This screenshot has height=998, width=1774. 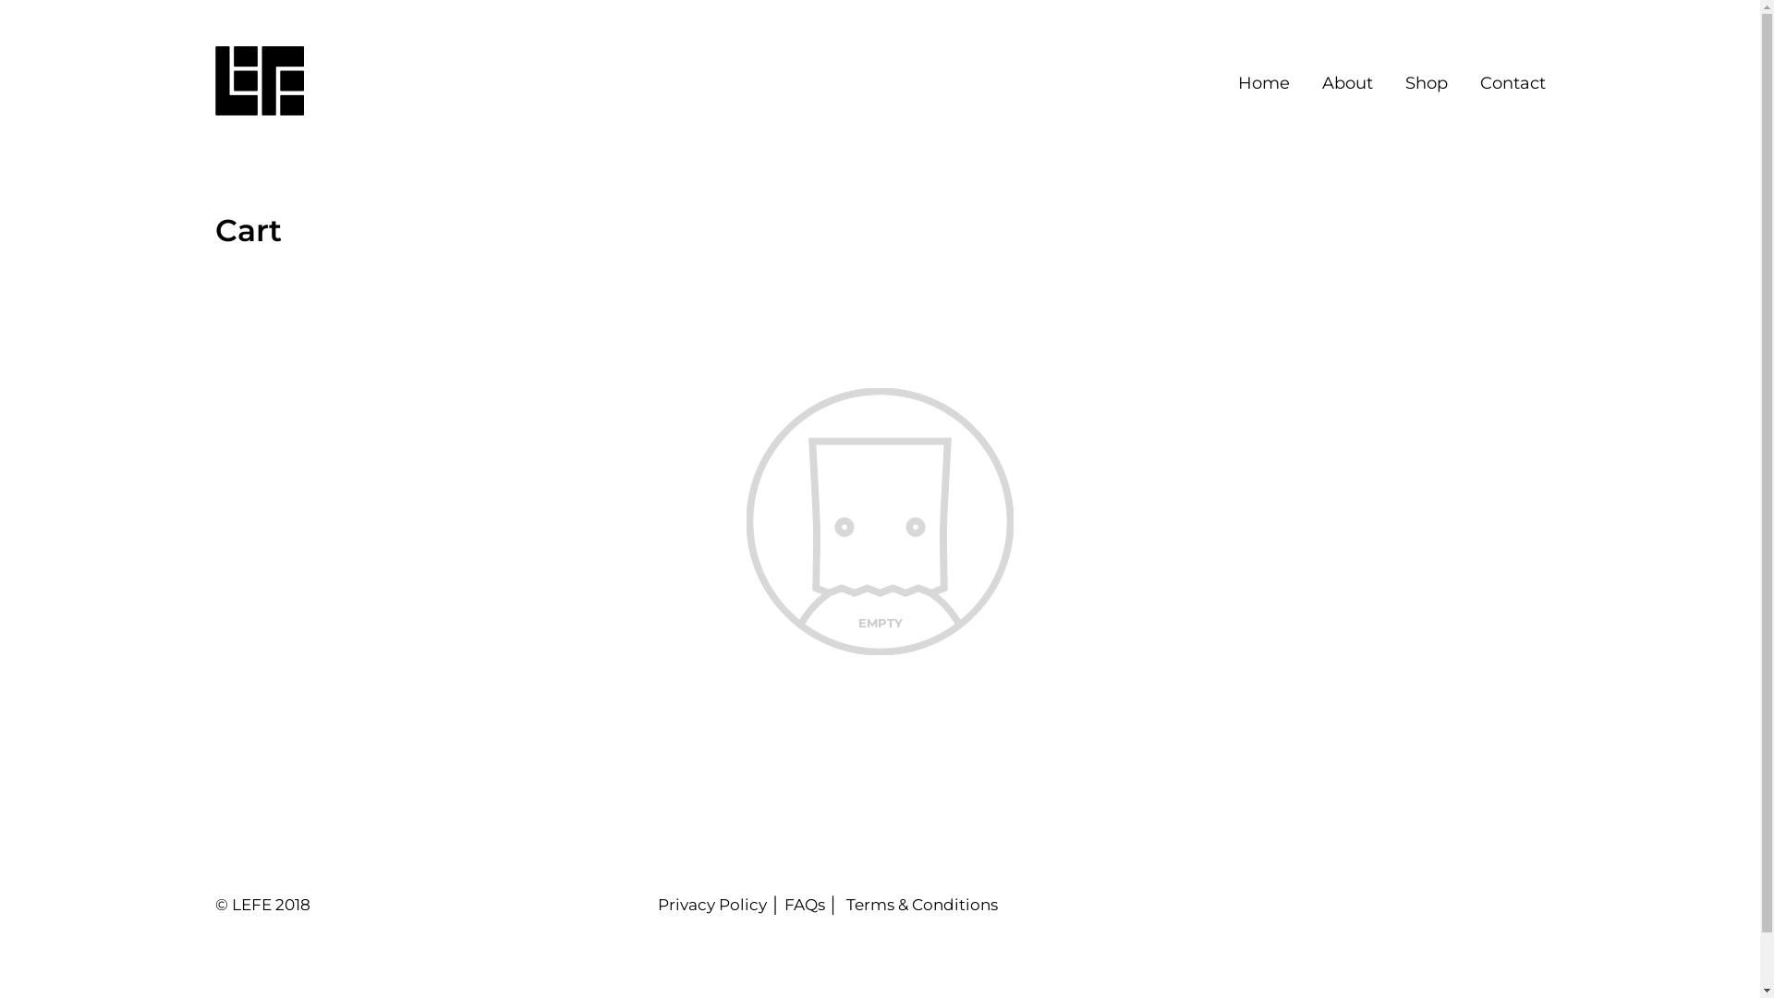 What do you see at coordinates (922, 904) in the screenshot?
I see `'Terms & Conditions'` at bounding box center [922, 904].